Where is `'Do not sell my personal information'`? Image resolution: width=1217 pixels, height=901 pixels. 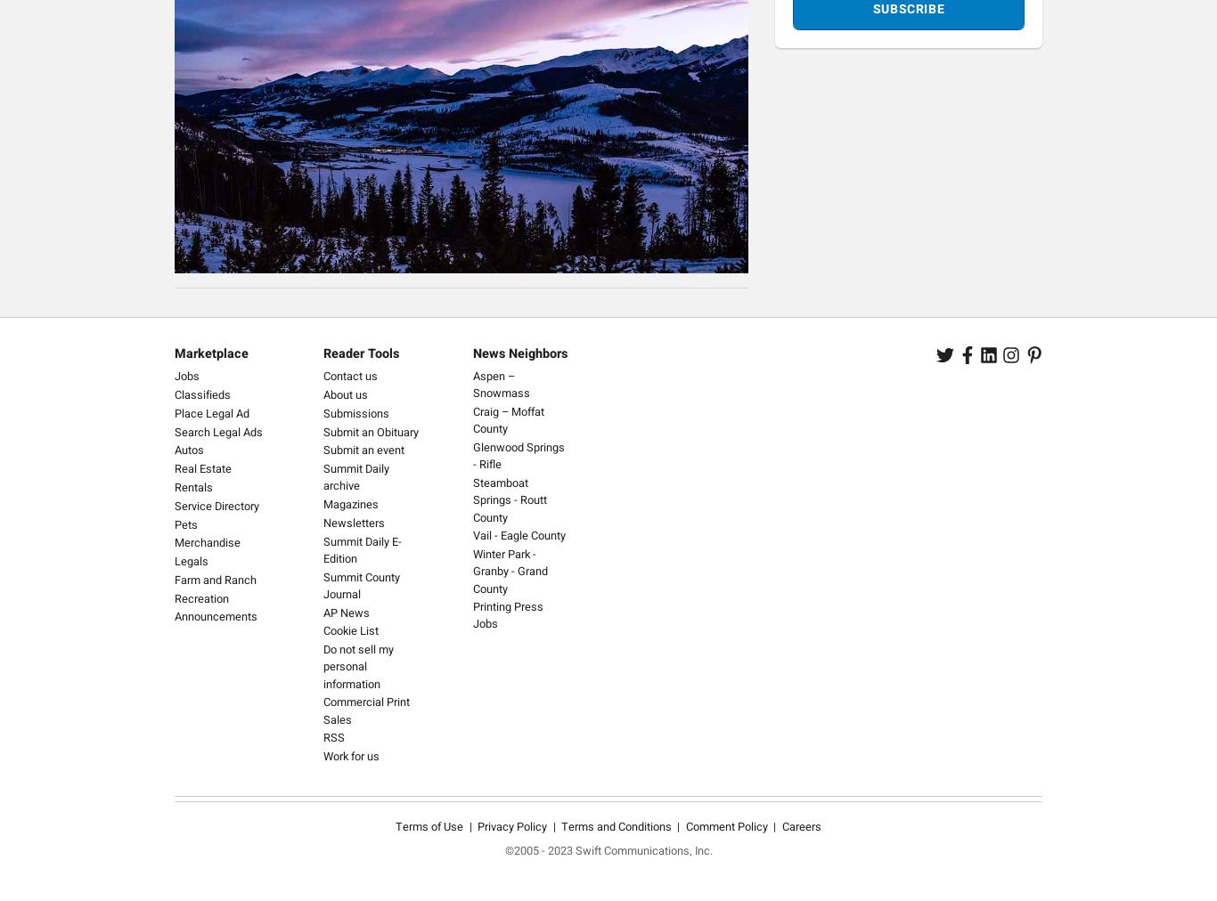 'Do not sell my personal information' is located at coordinates (357, 666).